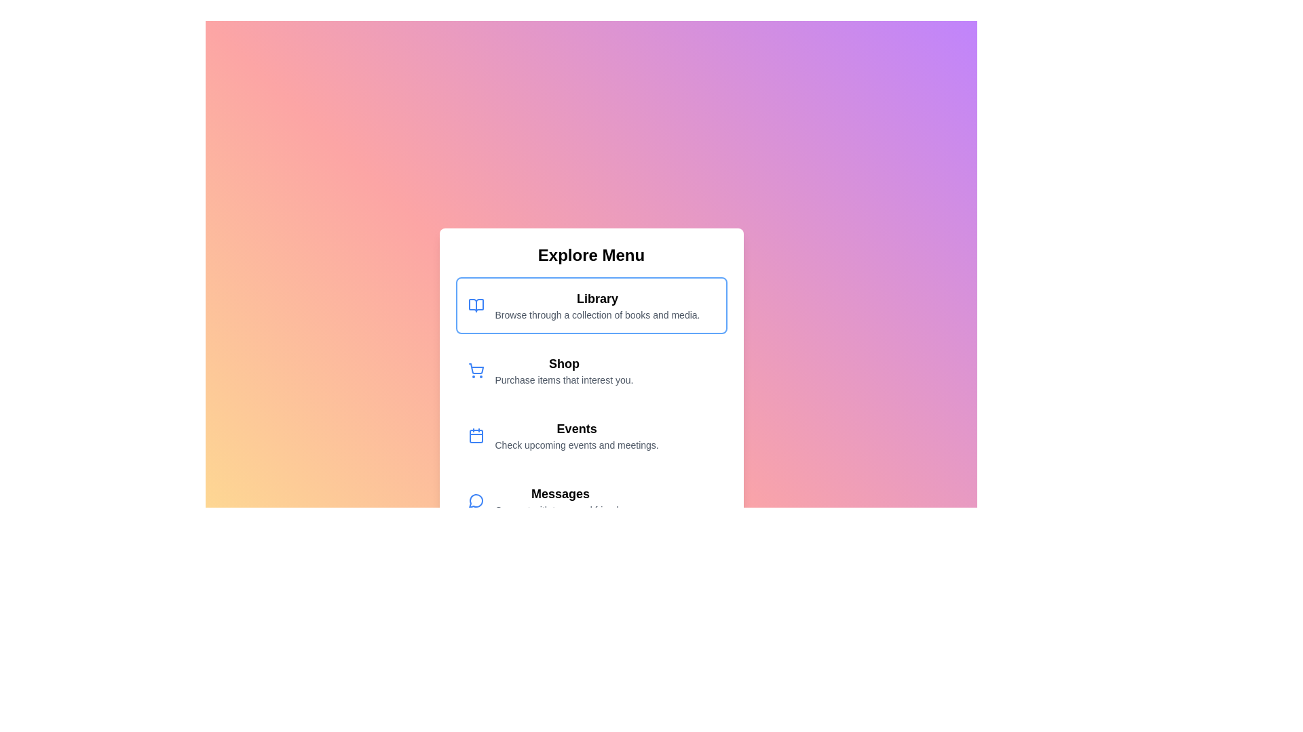 The height and width of the screenshot is (732, 1303). What do you see at coordinates (591, 436) in the screenshot?
I see `the menu option Events to observe its hover effect` at bounding box center [591, 436].